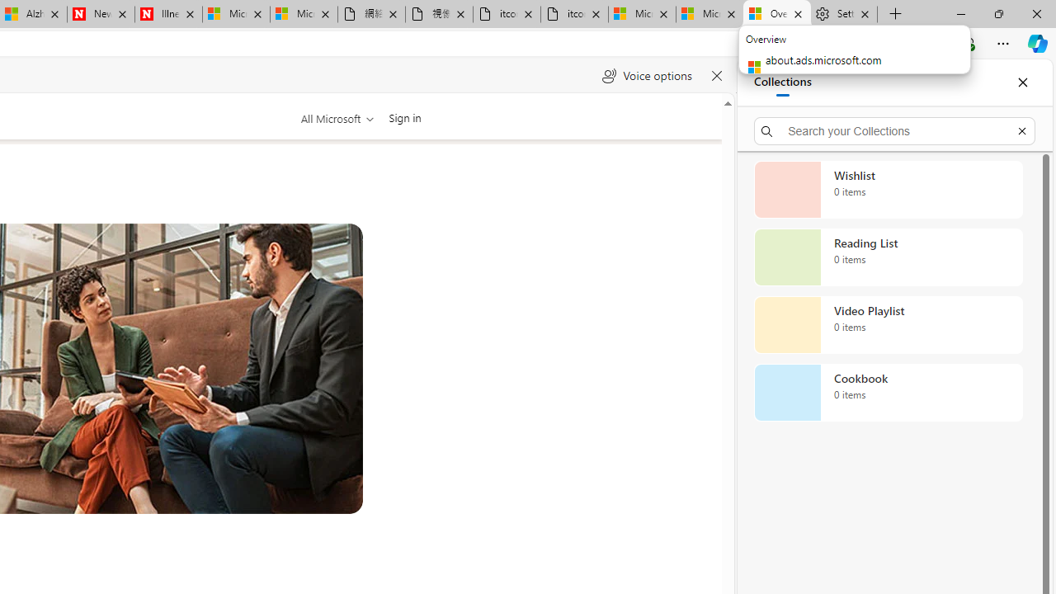 The width and height of the screenshot is (1056, 594). What do you see at coordinates (574, 14) in the screenshot?
I see `'itconcepthk.com/projector_solutions.mp4'` at bounding box center [574, 14].